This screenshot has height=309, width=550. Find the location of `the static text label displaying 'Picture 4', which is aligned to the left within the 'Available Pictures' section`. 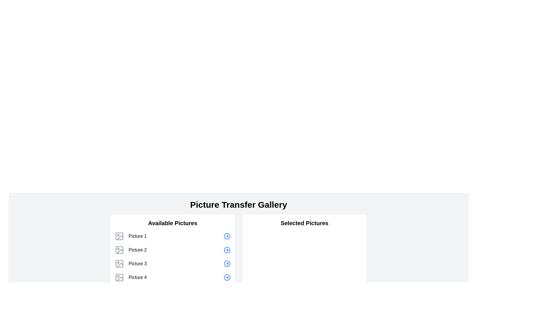

the static text label displaying 'Picture 4', which is aligned to the left within the 'Available Pictures' section is located at coordinates (137, 277).